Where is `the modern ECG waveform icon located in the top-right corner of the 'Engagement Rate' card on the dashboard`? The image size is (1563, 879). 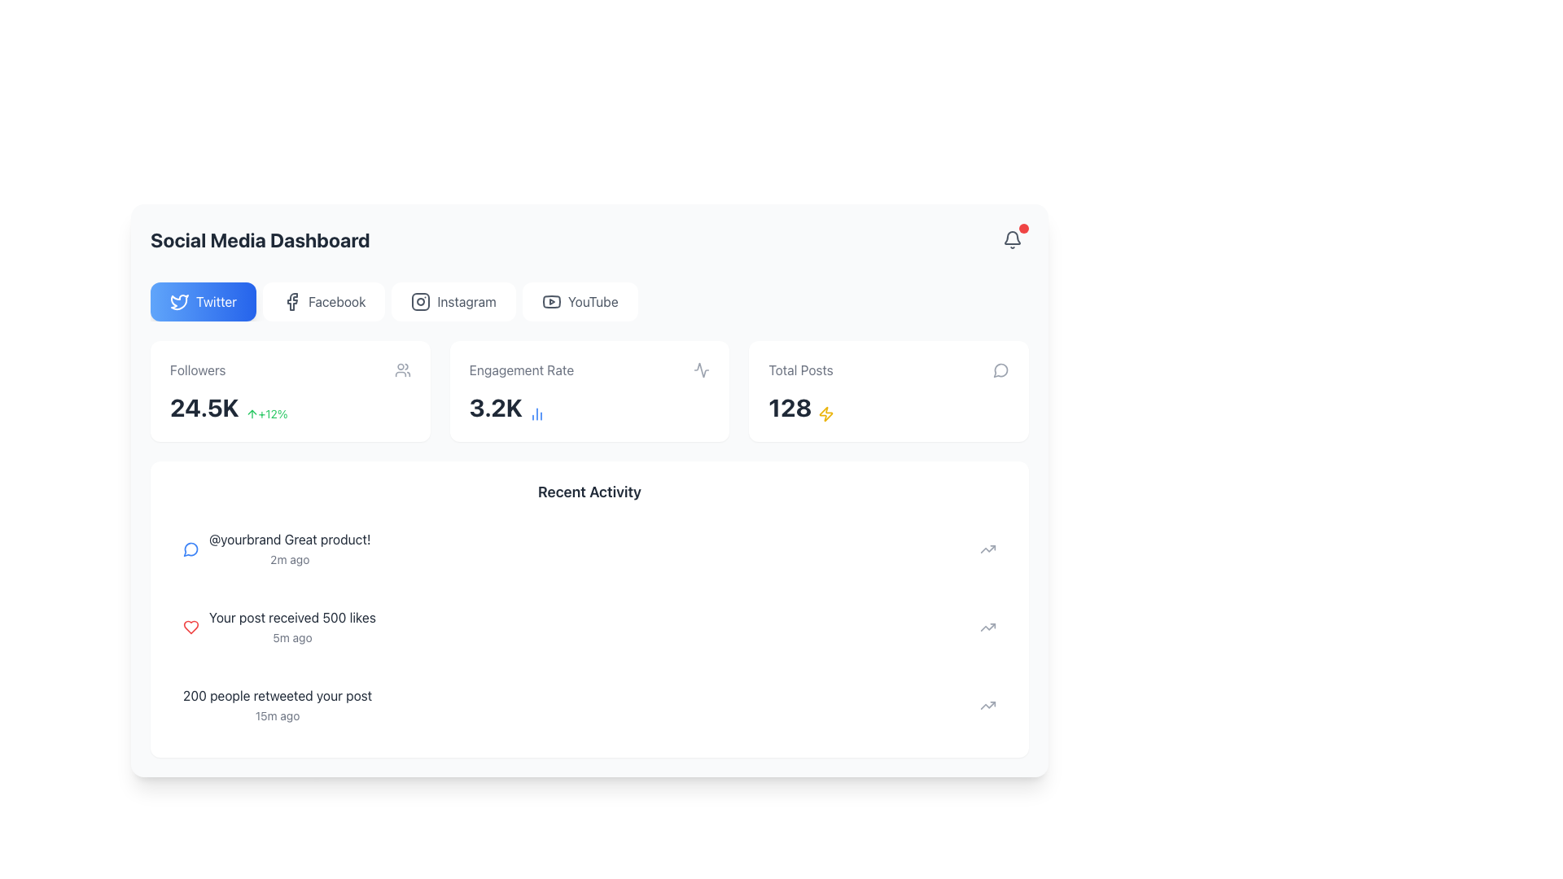 the modern ECG waveform icon located in the top-right corner of the 'Engagement Rate' card on the dashboard is located at coordinates (702, 370).